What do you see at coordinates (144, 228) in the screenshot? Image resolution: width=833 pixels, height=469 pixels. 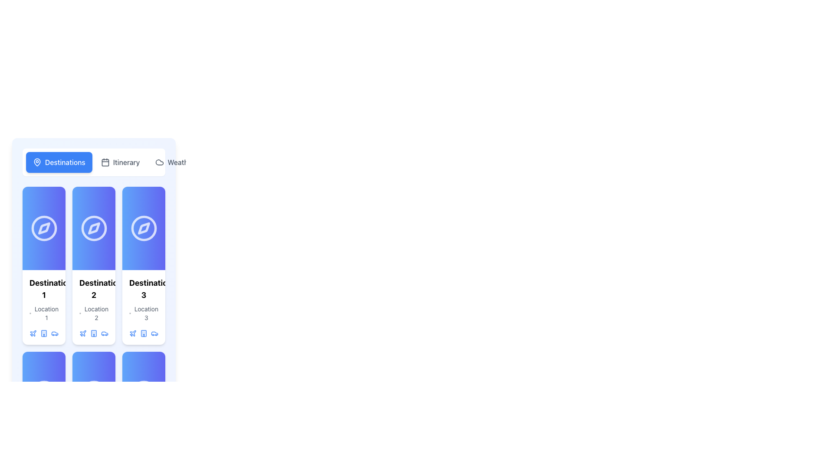 I see `the circular UI component with a compass design located in the third card column, centrally positioned above the 'Destination 3' label` at bounding box center [144, 228].